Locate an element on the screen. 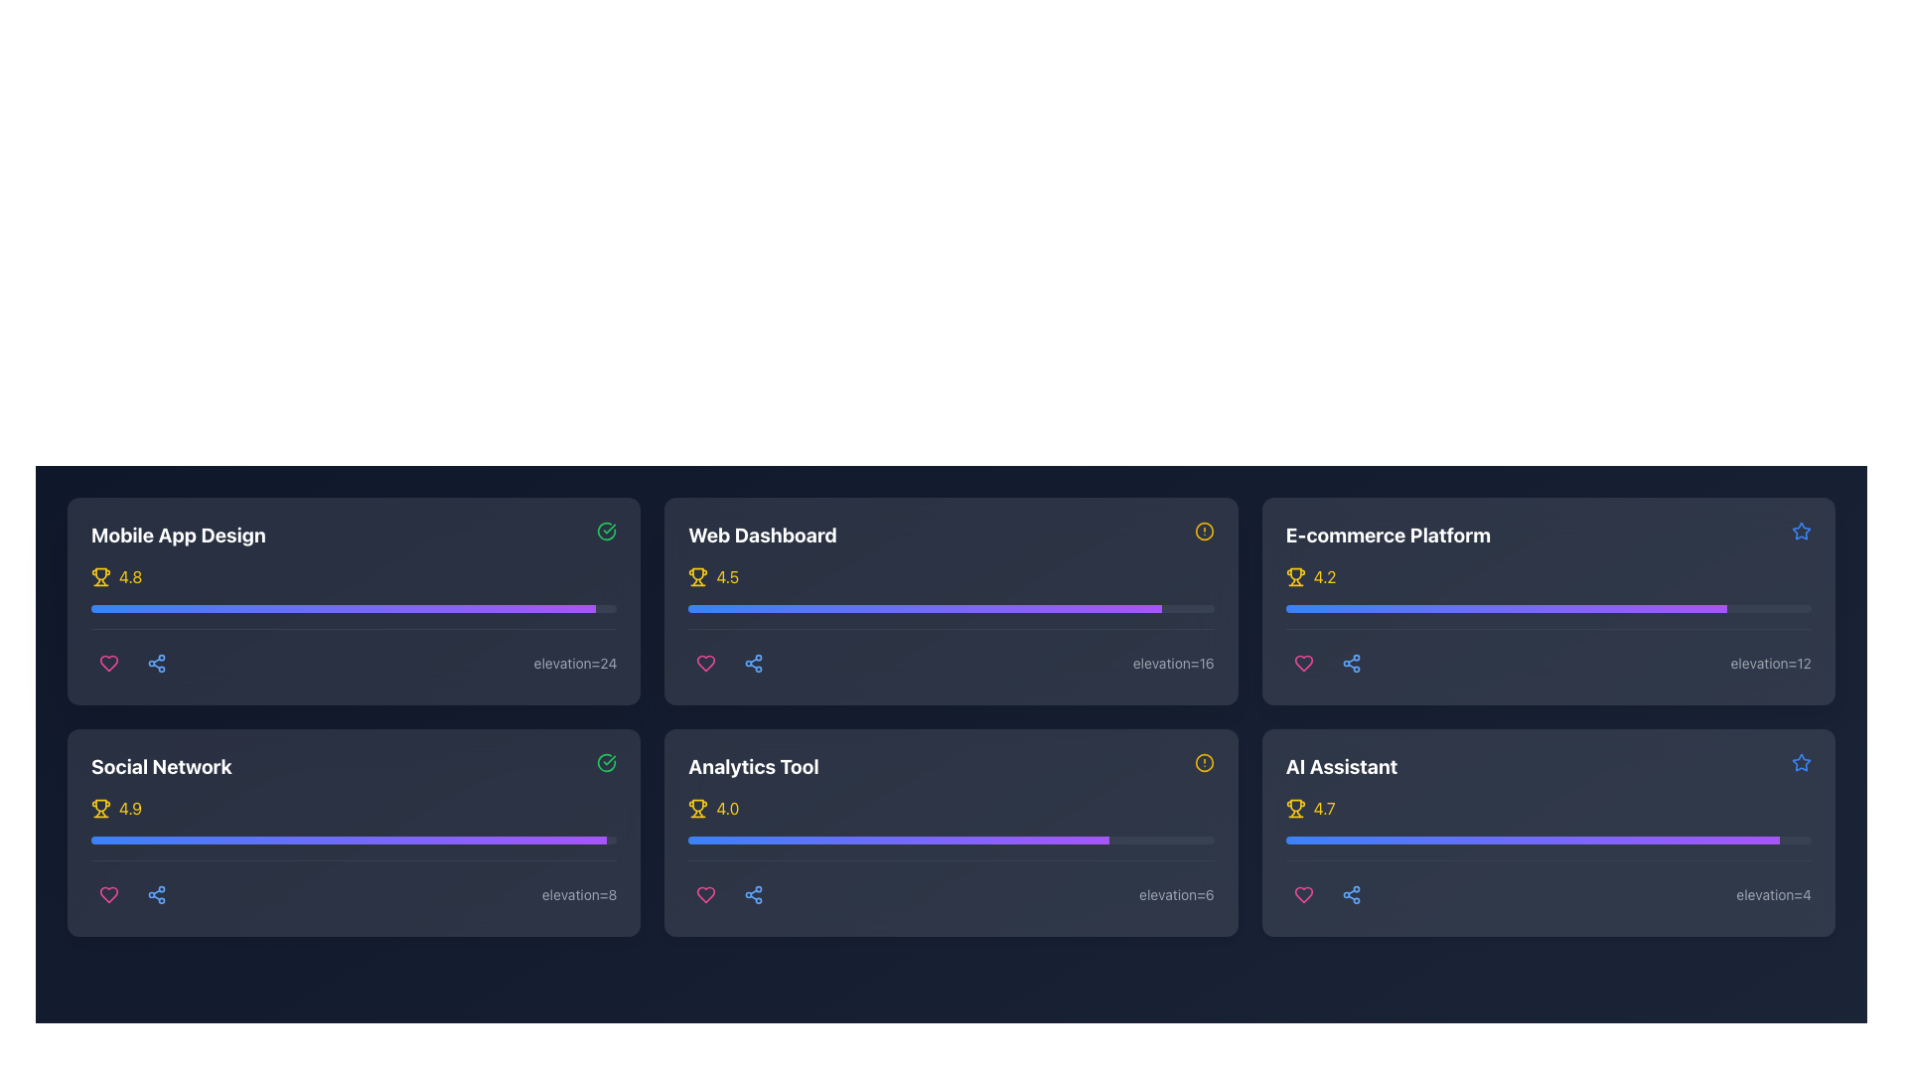 Image resolution: width=1907 pixels, height=1073 pixels. the heart-shaped icon styled with pink coloring located in the lower row of the 'AI Assistant' card is located at coordinates (1303, 895).